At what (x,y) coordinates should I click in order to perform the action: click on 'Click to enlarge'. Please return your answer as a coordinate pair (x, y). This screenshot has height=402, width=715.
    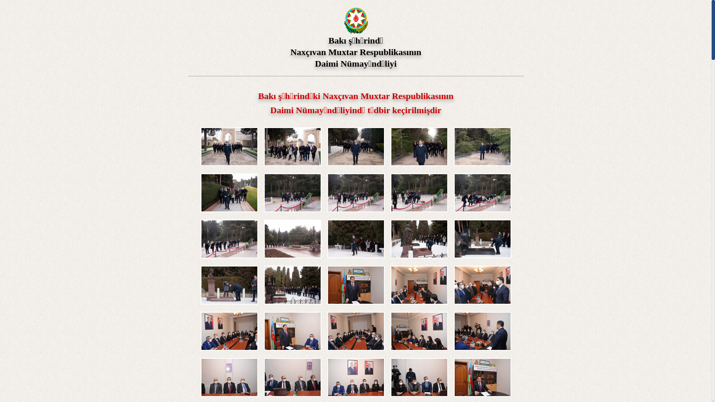
    Looking at the image, I should click on (355, 239).